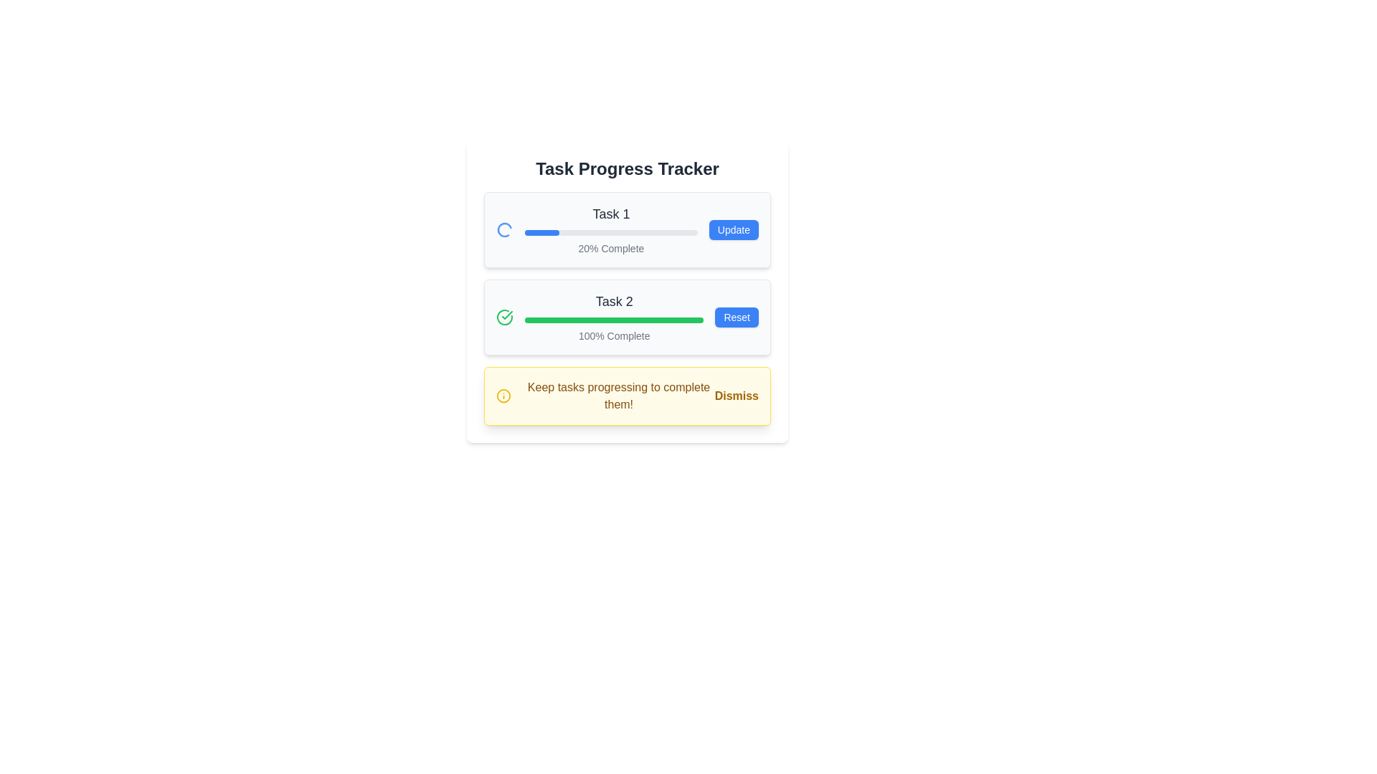 The image size is (1377, 774). Describe the element at coordinates (541, 231) in the screenshot. I see `the blue segment of the progress bar indicating 20% completion for 'Task 1', which is located within the task card labeled 'Task 1'` at that location.